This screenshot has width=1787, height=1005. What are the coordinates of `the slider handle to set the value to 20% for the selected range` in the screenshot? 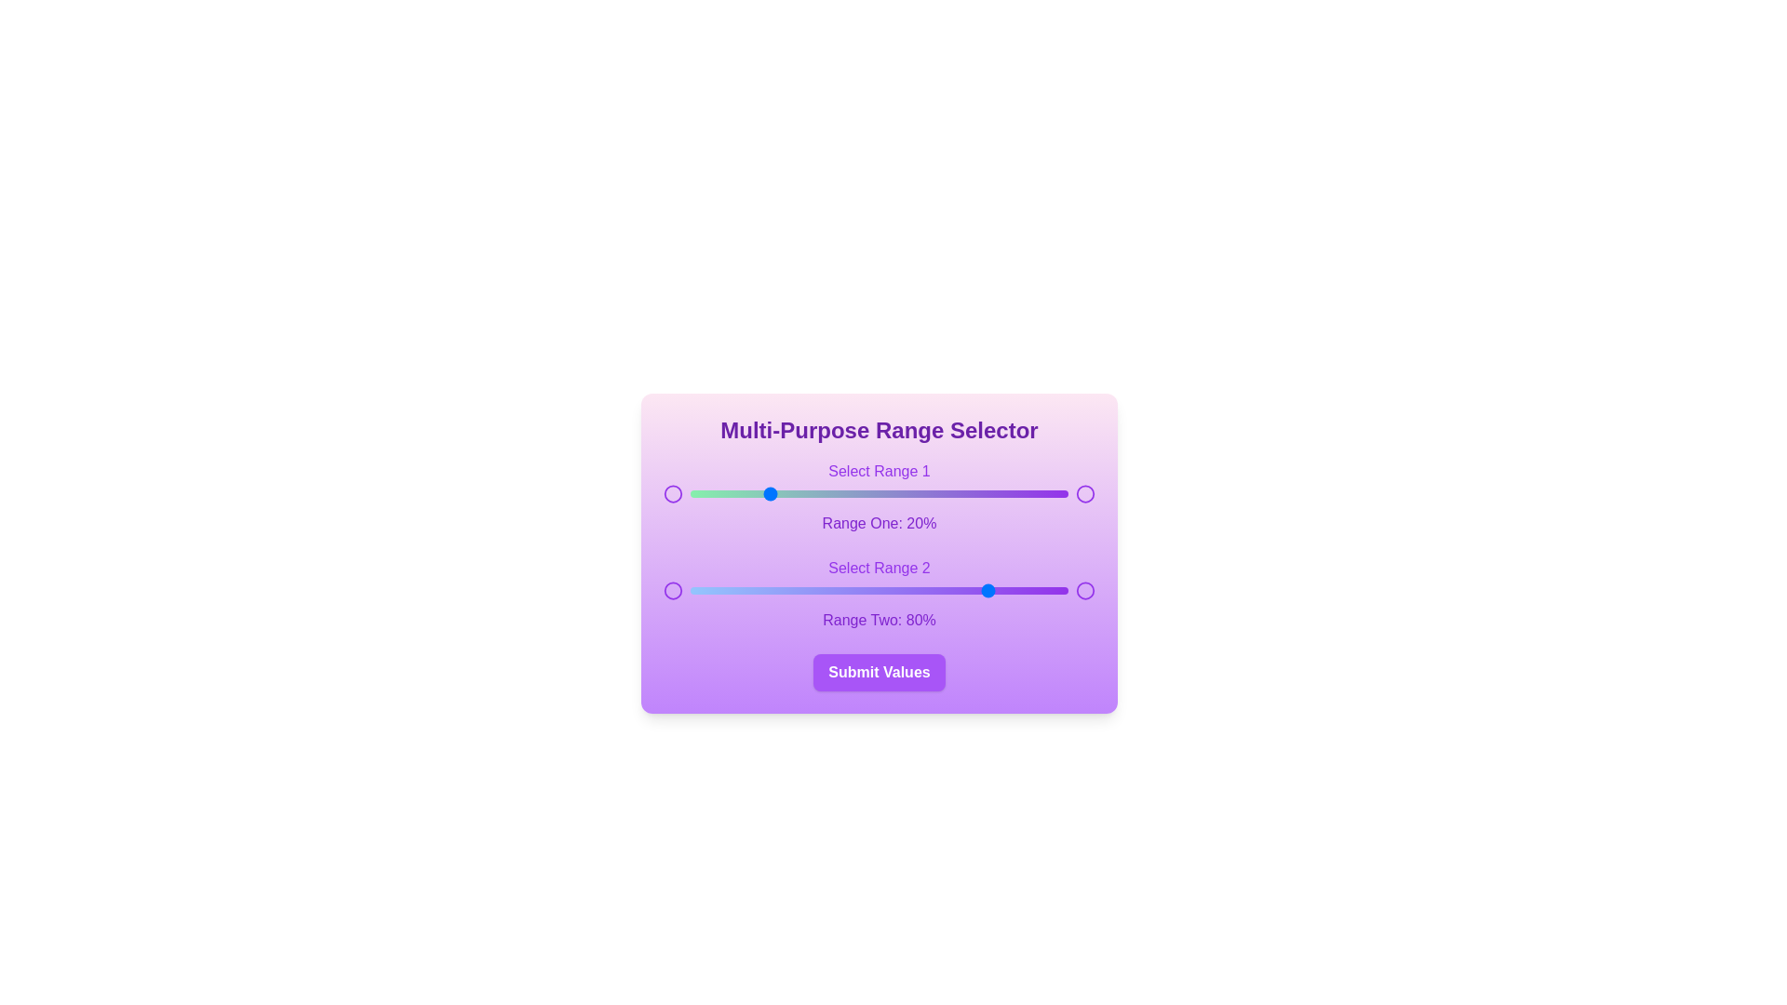 It's located at (766, 493).